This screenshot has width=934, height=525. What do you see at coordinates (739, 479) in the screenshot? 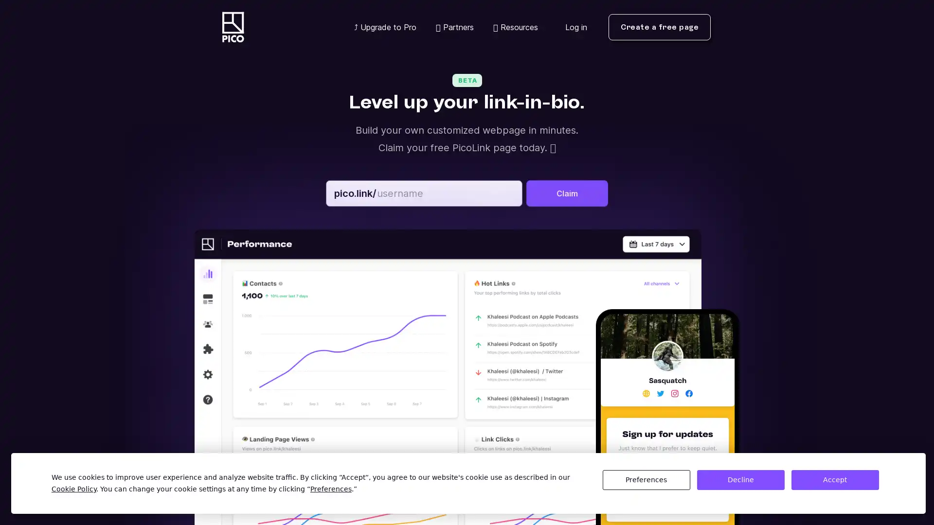
I see `Decline` at bounding box center [739, 479].